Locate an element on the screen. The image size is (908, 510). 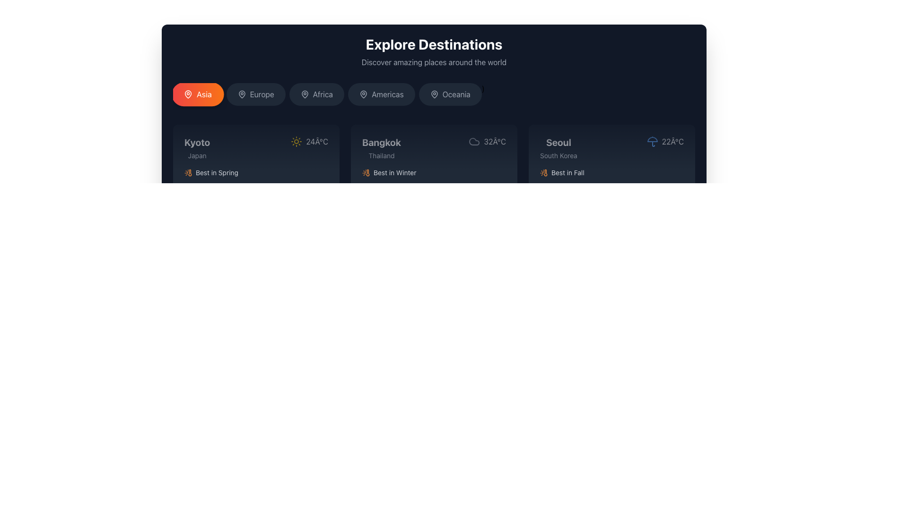
the 'Europe' region button, which is the second button in a horizontal sequence of region selector buttons, located near the top portion of the interface is located at coordinates (256, 94).